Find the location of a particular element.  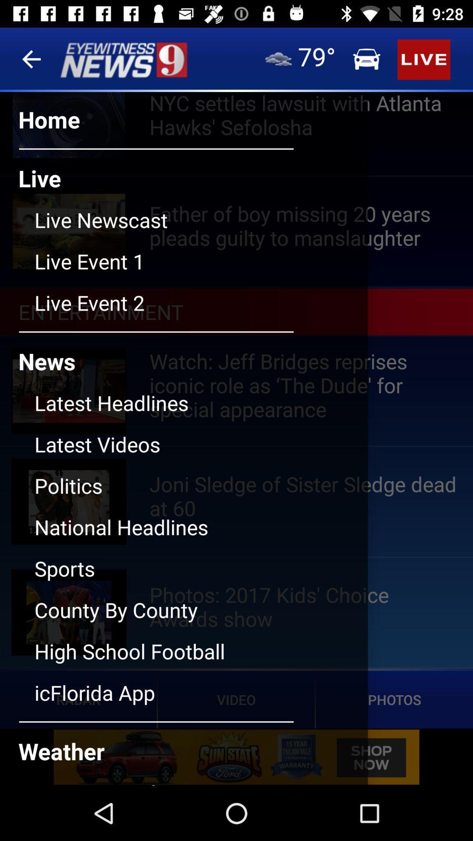

the county by county button below sports is located at coordinates (201, 616).